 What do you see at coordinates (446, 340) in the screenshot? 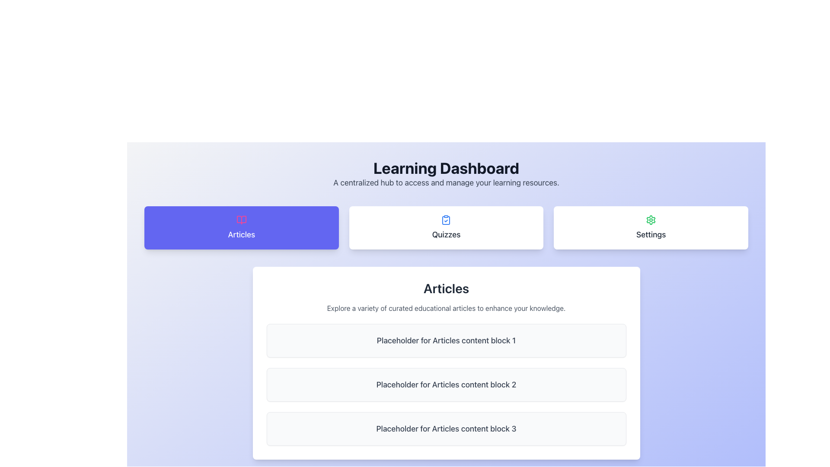
I see `the first label in the 'Articles' section, which serves as a placeholder for content` at bounding box center [446, 340].